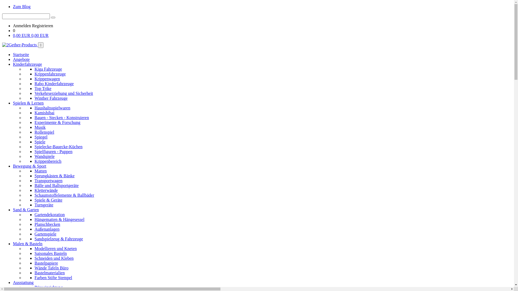 The width and height of the screenshot is (518, 291). What do you see at coordinates (23, 282) in the screenshot?
I see `'Ausstattung'` at bounding box center [23, 282].